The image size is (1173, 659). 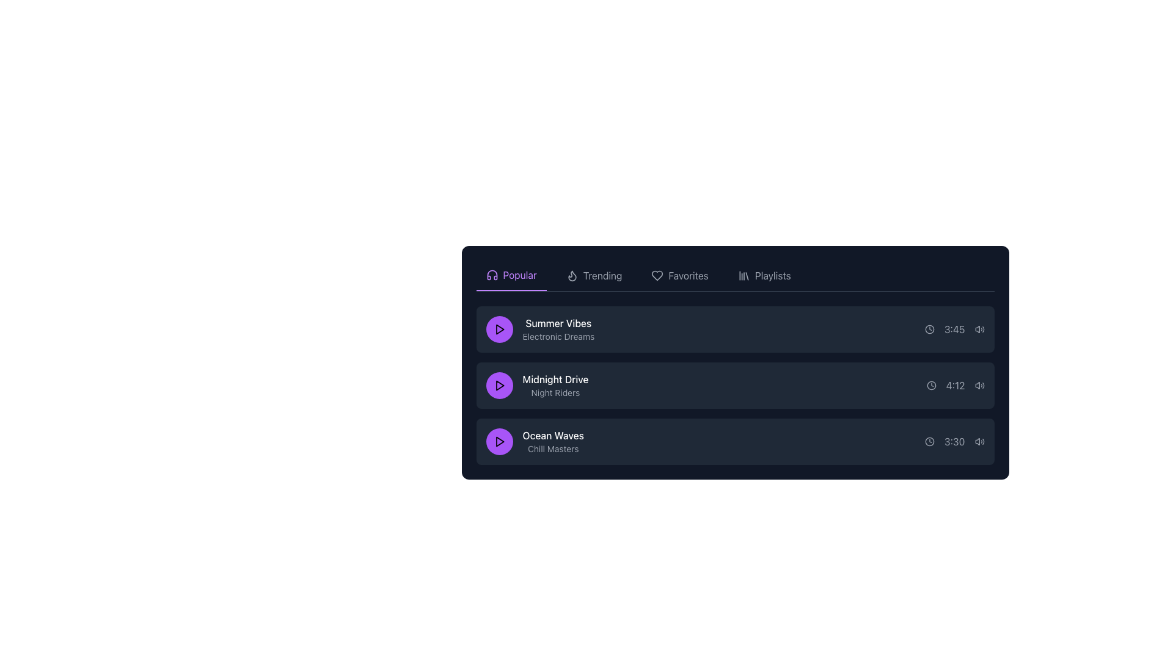 What do you see at coordinates (679, 275) in the screenshot?
I see `the 'Favorites' navigation button located` at bounding box center [679, 275].